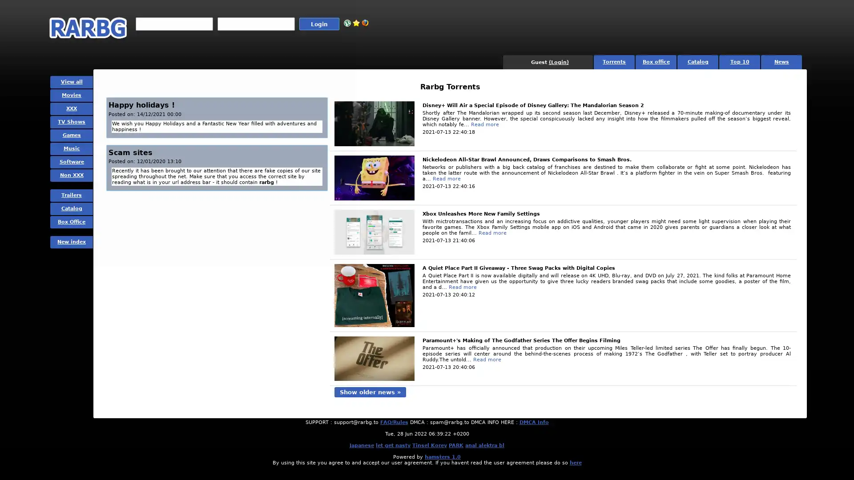 The image size is (854, 480). I want to click on Login, so click(319, 23).